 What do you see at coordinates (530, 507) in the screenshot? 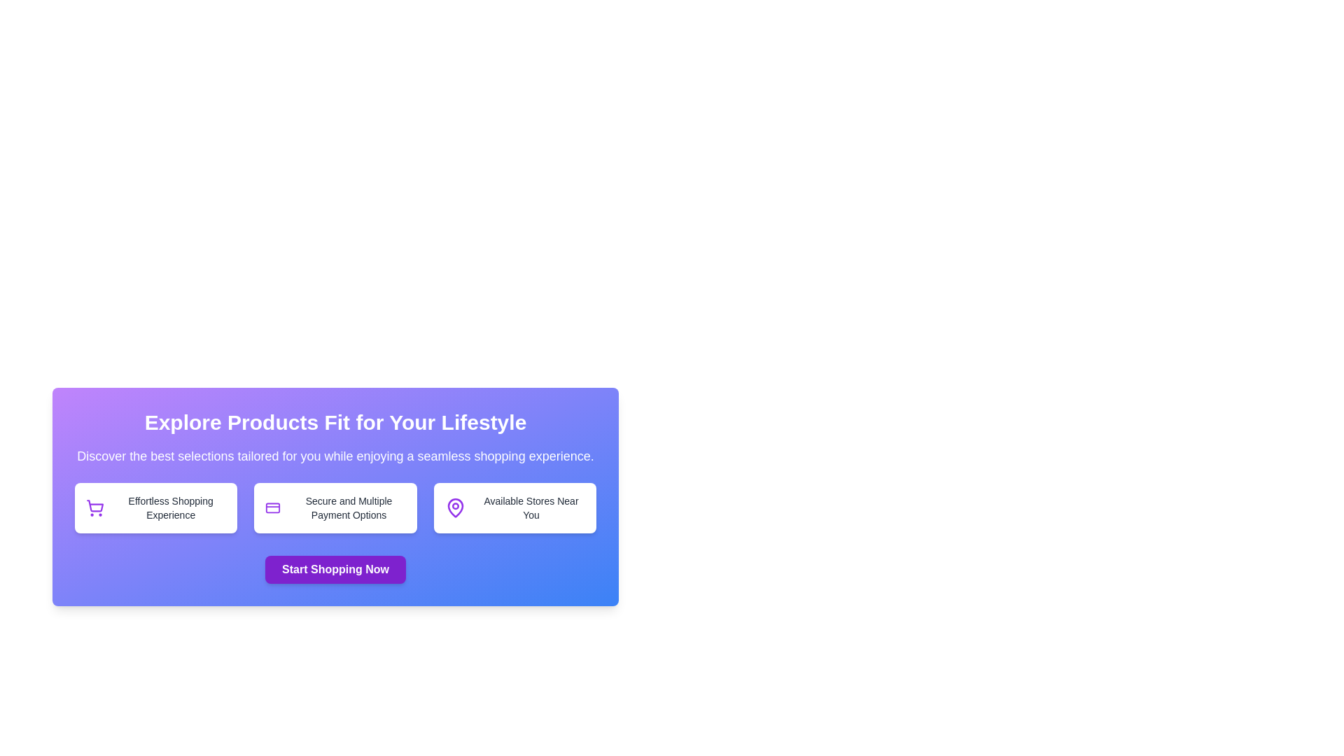
I see `the informational text label located at the bottom of the third card in a horizontal row of three cards, positioned to the far right under the purple location pin icon` at bounding box center [530, 507].